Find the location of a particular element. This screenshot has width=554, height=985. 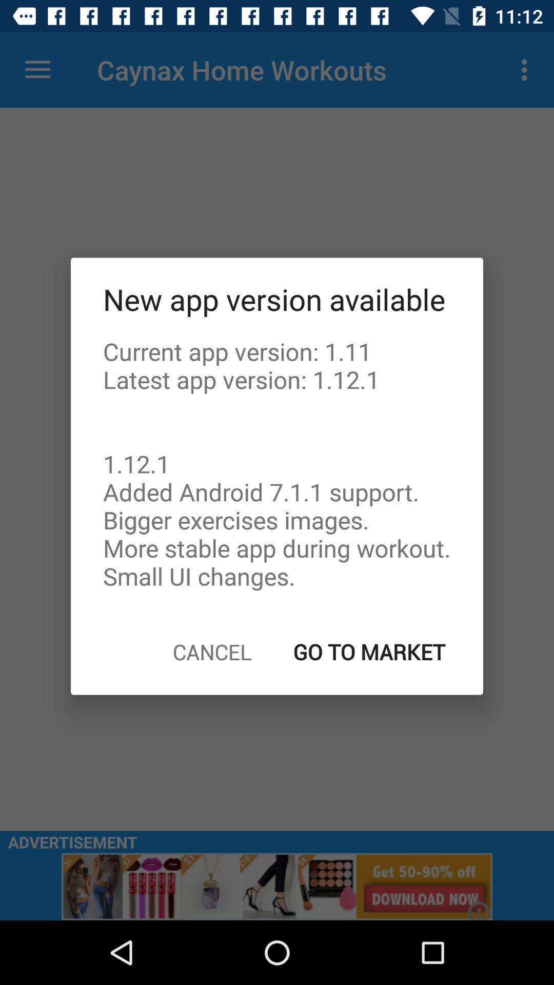

the item next to the cancel is located at coordinates (369, 651).